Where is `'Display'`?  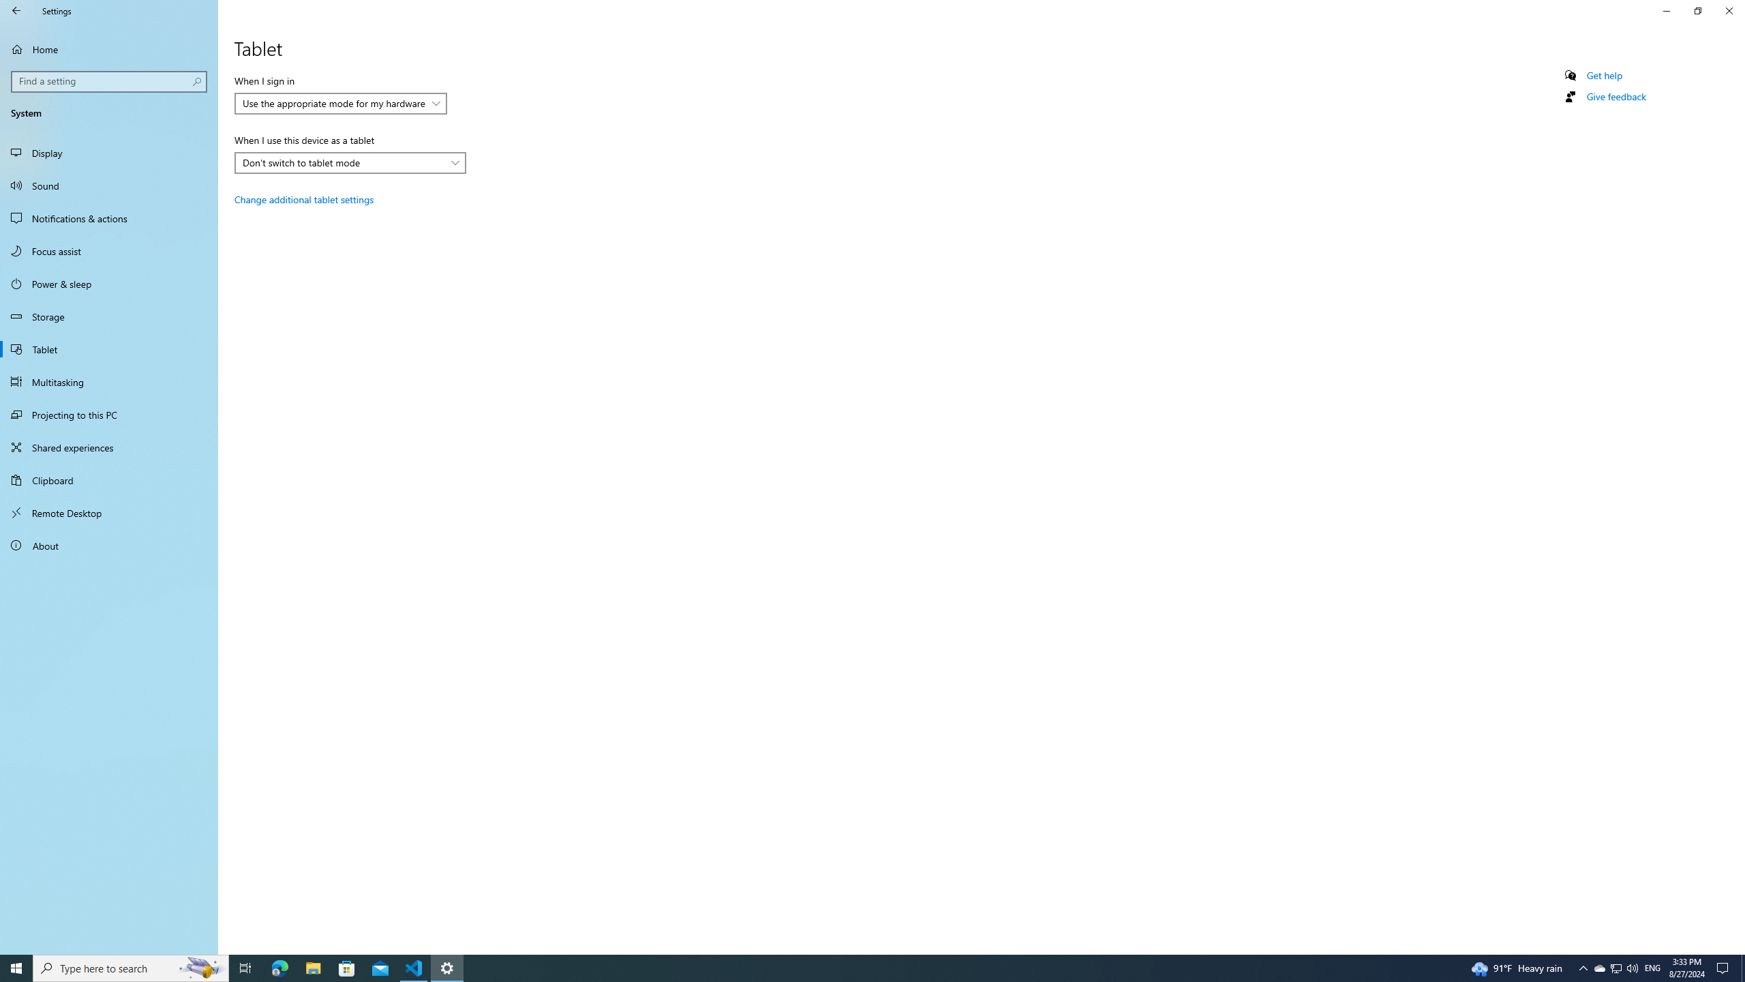
'Display' is located at coordinates (108, 151).